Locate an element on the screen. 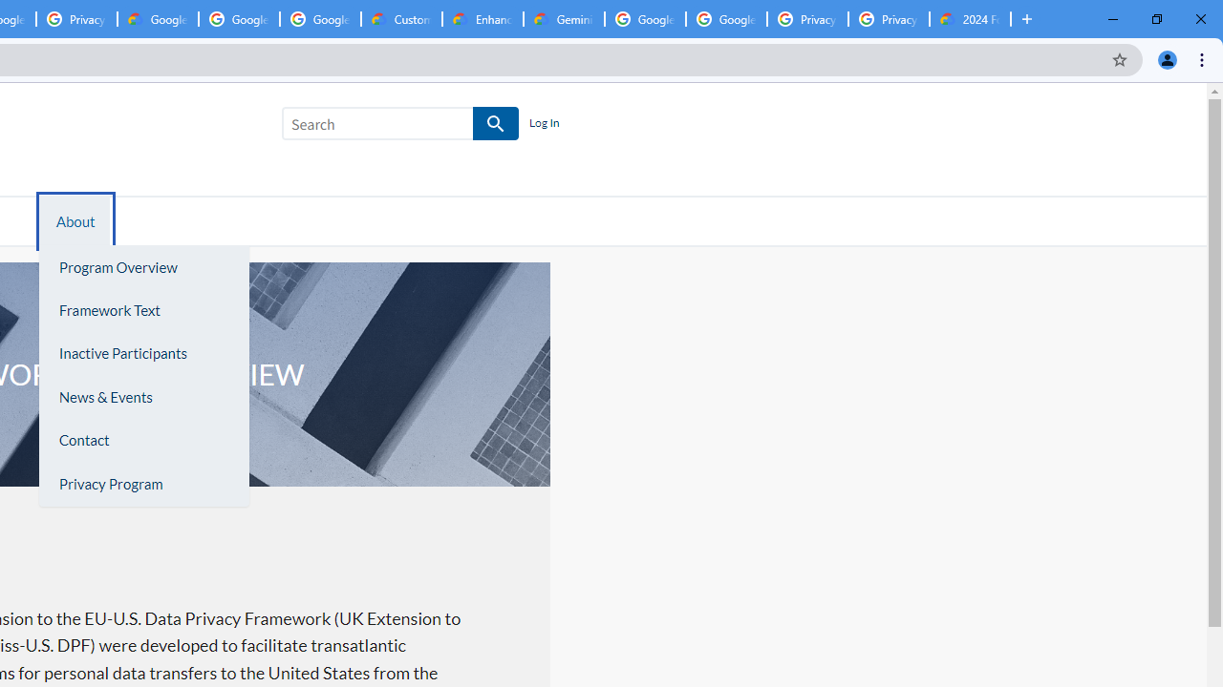 Image resolution: width=1223 pixels, height=687 pixels. 'Inactive Participants' is located at coordinates (142, 353).